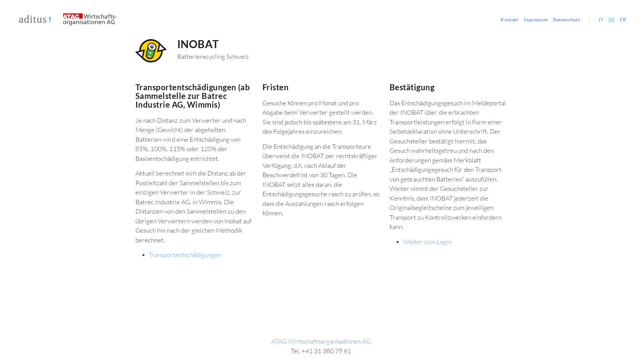  What do you see at coordinates (606, 19) in the screenshot?
I see `'DE'` at bounding box center [606, 19].